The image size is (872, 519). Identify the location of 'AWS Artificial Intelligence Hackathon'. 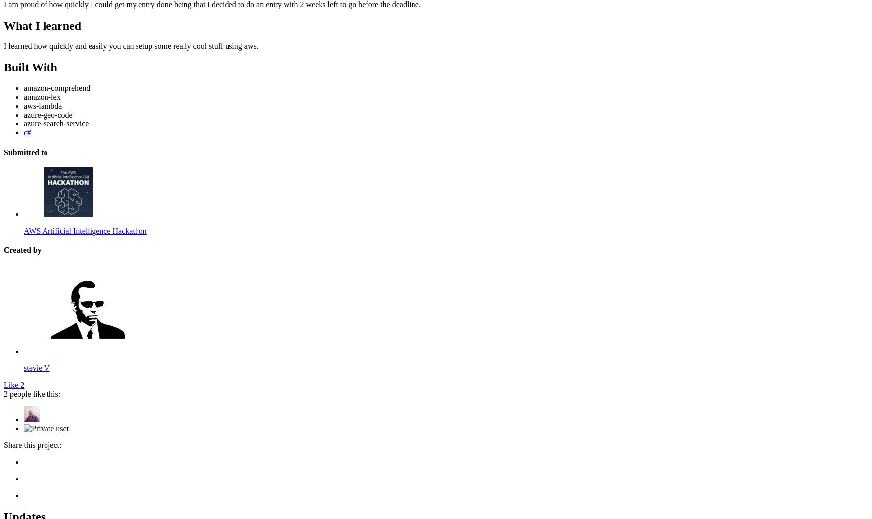
(85, 230).